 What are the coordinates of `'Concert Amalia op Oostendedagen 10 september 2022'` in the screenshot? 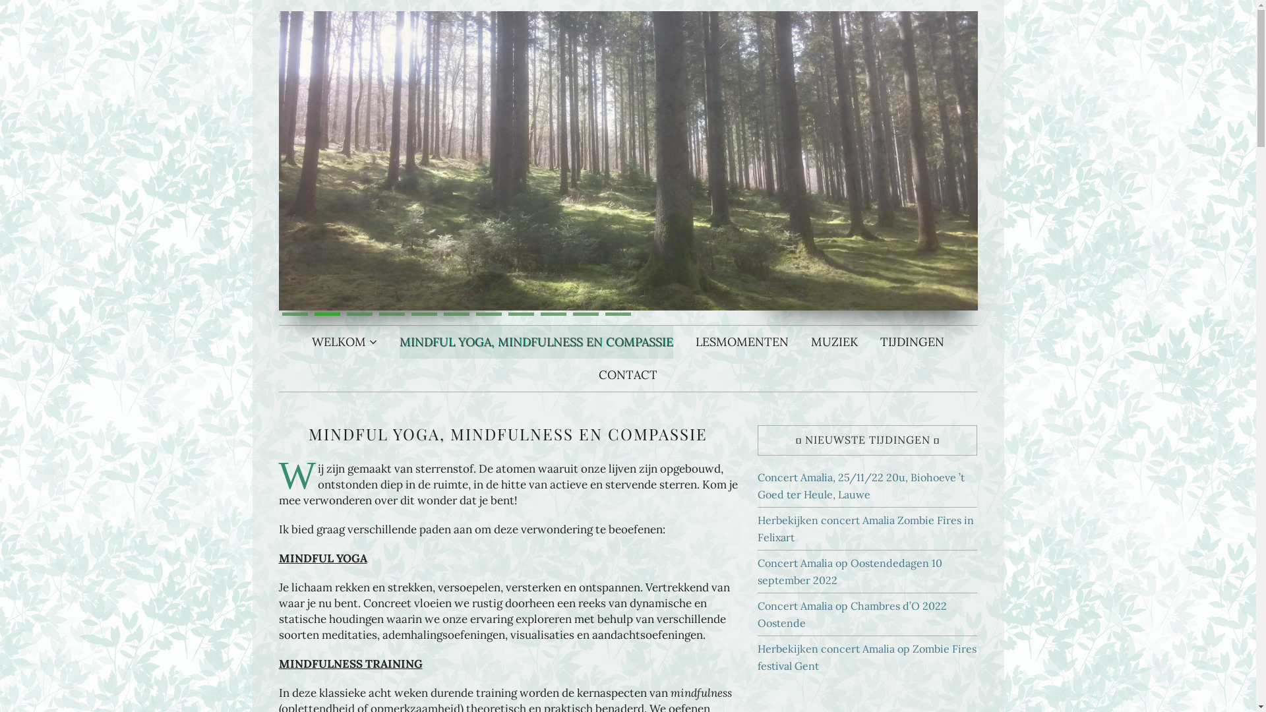 It's located at (850, 571).